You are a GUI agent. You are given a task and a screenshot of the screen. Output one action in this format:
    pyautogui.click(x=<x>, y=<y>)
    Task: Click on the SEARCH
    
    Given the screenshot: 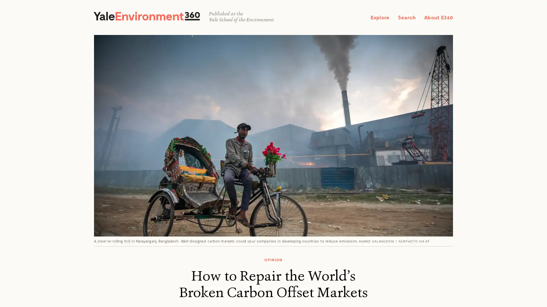 What is the action you would take?
    pyautogui.click(x=439, y=13)
    